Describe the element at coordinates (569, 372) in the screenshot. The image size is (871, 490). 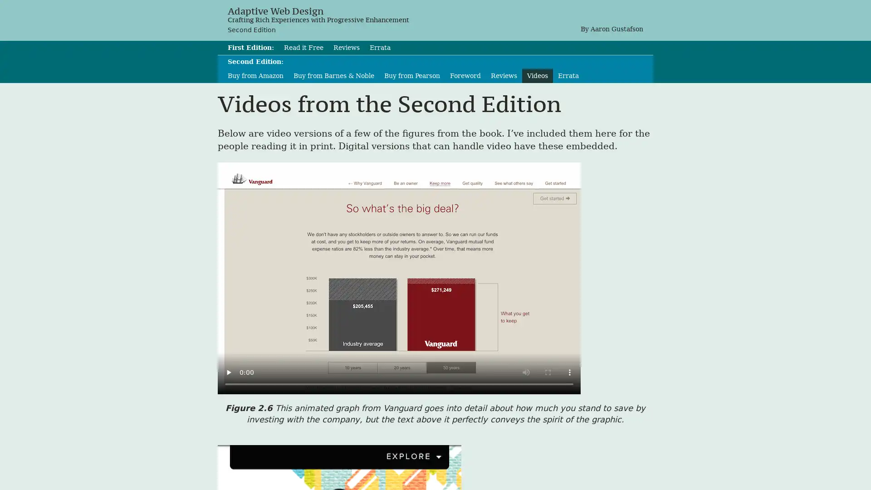
I see `show more media controls` at that location.